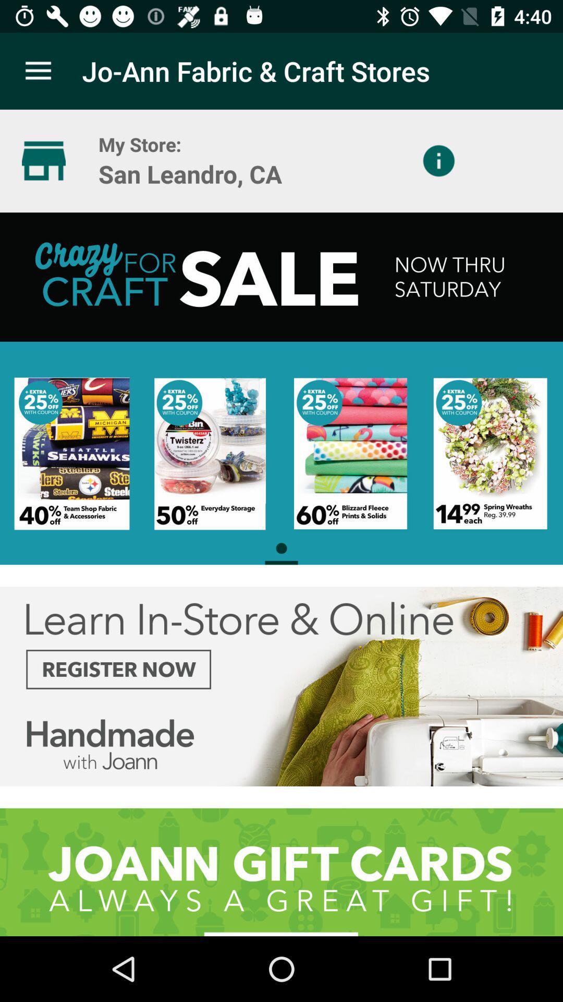 Image resolution: width=563 pixels, height=1002 pixels. I want to click on the item next to san leandro, ca item, so click(438, 160).